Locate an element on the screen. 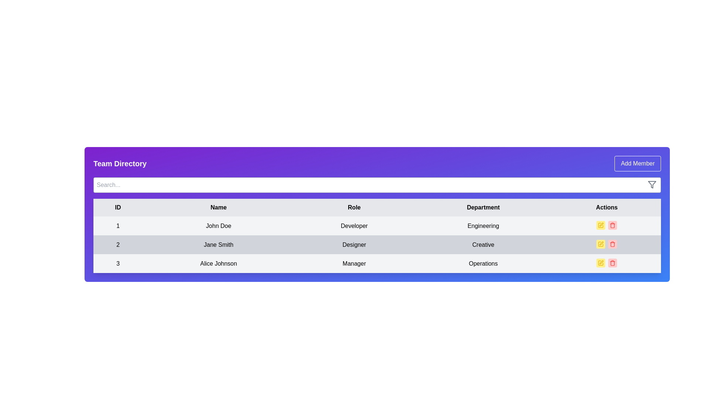 The image size is (709, 399). the 'Add Member' button located in the top-right corner of the 'Team Directory' section is located at coordinates (637, 163).